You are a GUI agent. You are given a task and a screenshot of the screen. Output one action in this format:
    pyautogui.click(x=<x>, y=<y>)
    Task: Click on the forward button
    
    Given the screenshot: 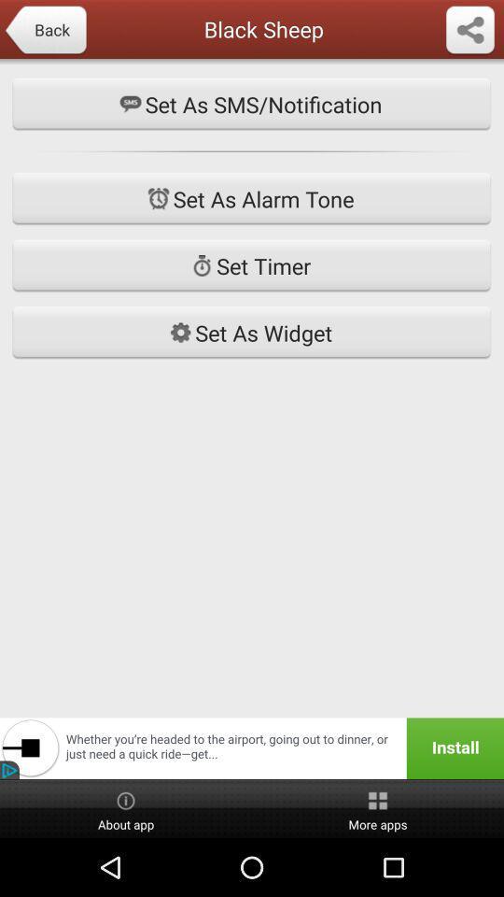 What is the action you would take?
    pyautogui.click(x=469, y=30)
    